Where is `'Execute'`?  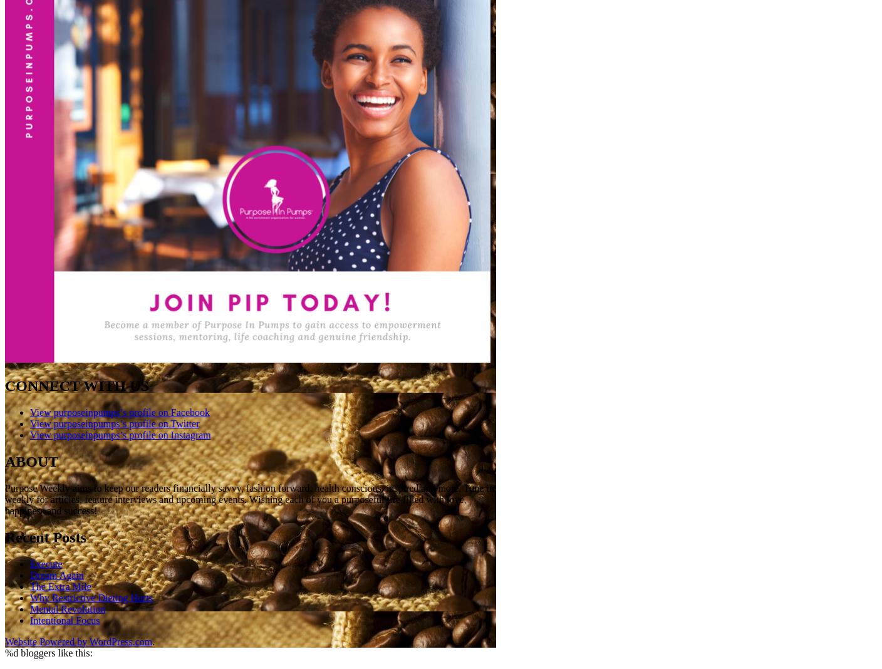
'Execute' is located at coordinates (45, 563).